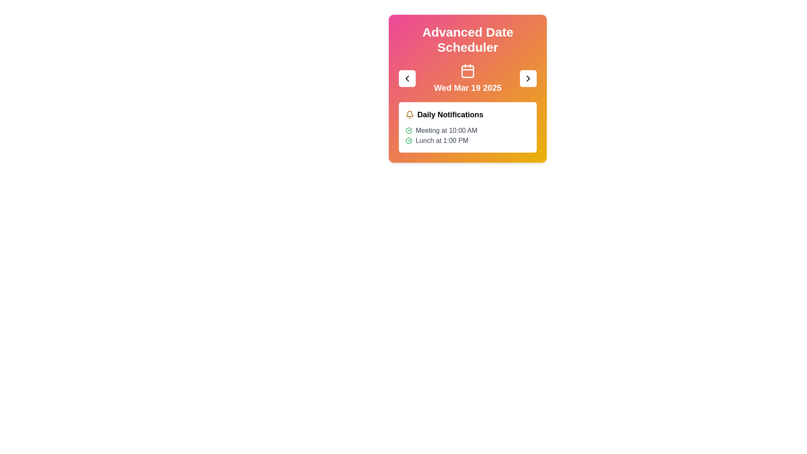 The height and width of the screenshot is (454, 807). I want to click on the text label displaying 'Meeting at 10:00 AM' which is located below the 'Daily Notifications' title and aligned with a green checkmark icon, so click(446, 131).